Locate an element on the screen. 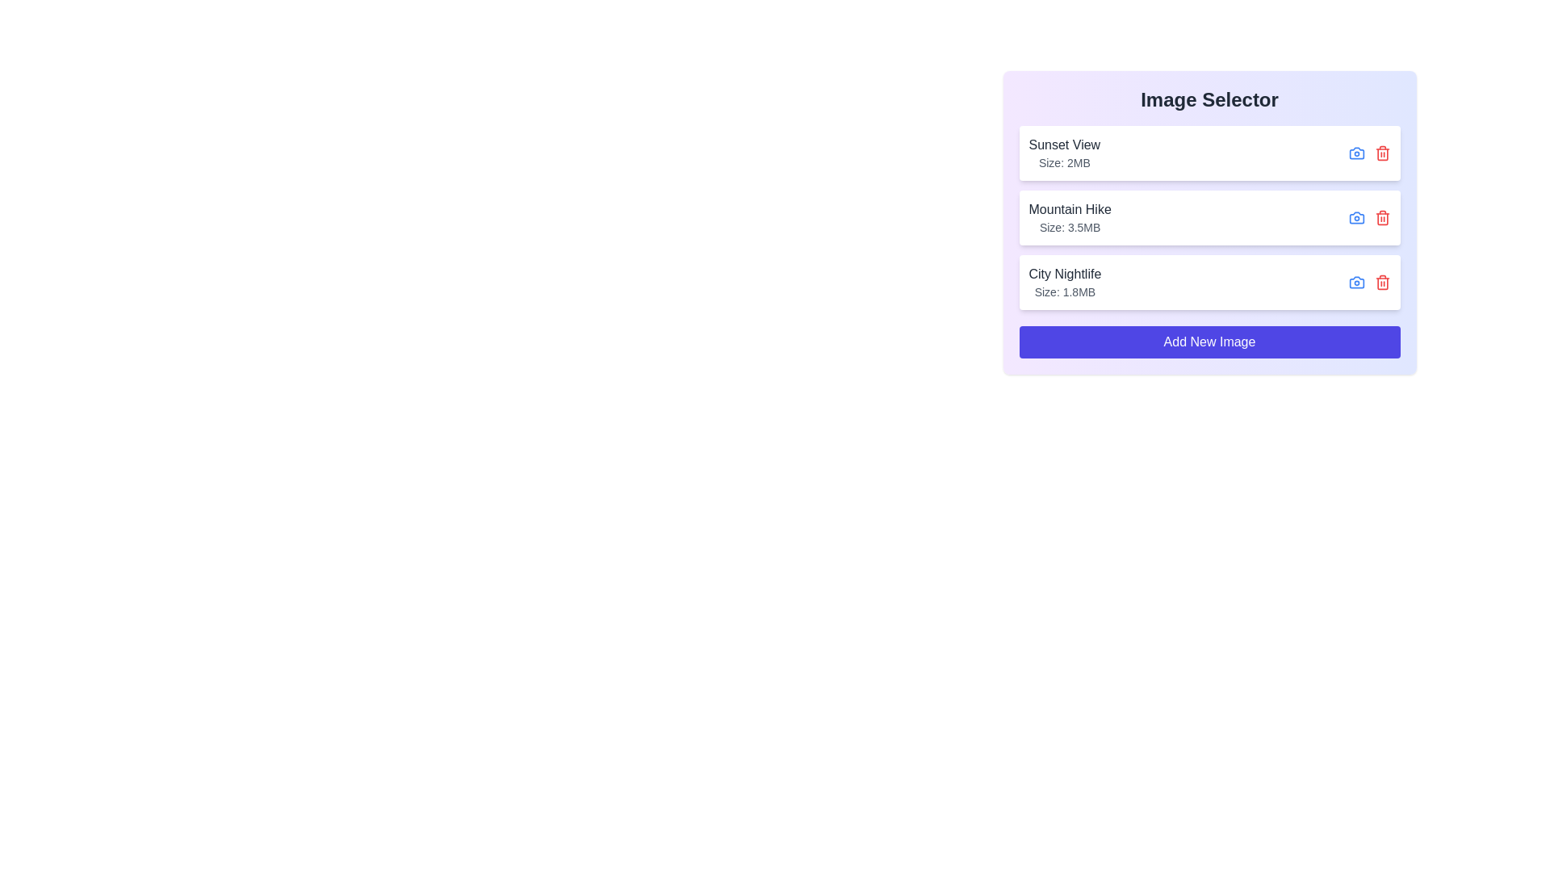 The image size is (1550, 872). the name of the image to select it. The parameter Sunset View specifies the name of the image to be selected is located at coordinates (1064, 145).